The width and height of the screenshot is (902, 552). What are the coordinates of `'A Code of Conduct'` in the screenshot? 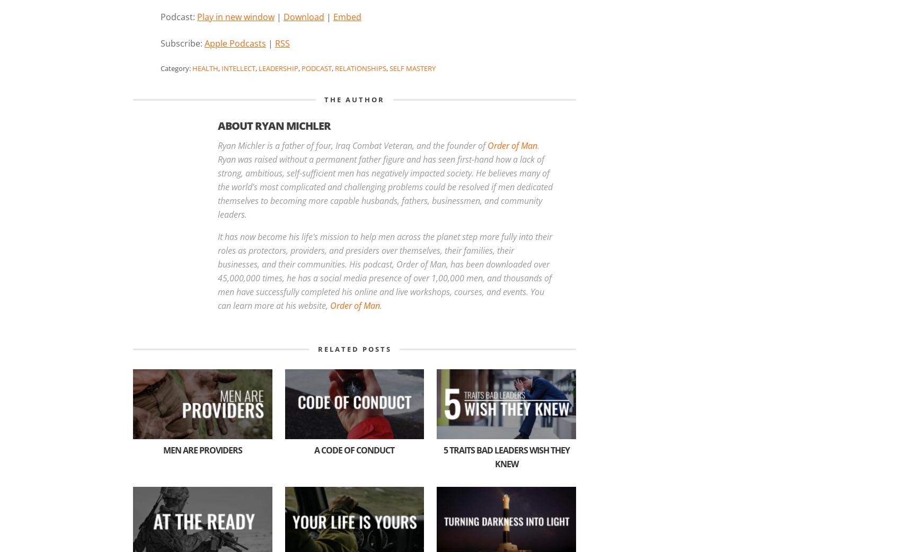 It's located at (314, 450).